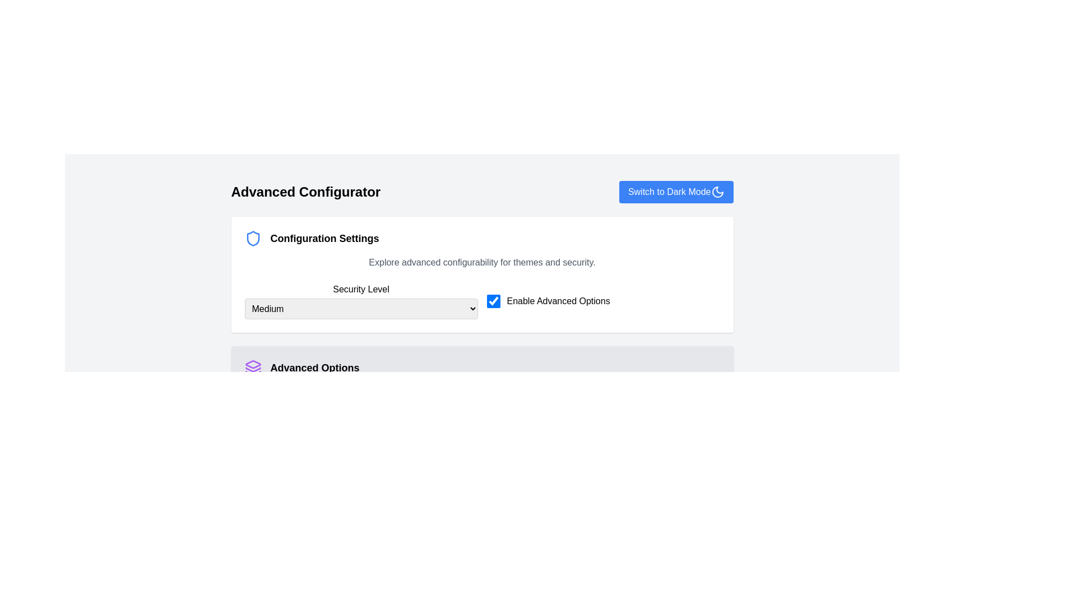 The image size is (1076, 605). I want to click on the icon representing the associated feature within the 'Advanced Options' section, which is the first visual item from the left adjacent to the section title, so click(252, 367).